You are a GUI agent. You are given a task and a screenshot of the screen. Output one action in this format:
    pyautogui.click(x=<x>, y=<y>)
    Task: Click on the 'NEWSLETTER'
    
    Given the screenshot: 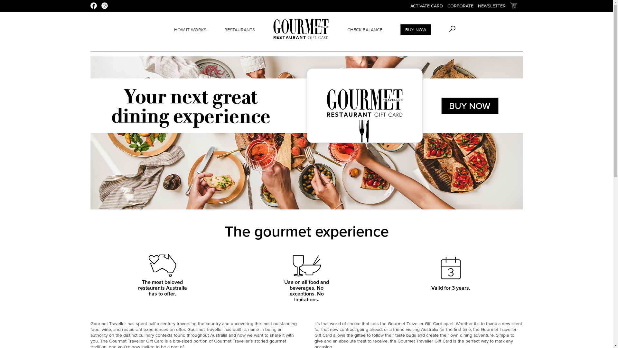 What is the action you would take?
    pyautogui.click(x=491, y=6)
    